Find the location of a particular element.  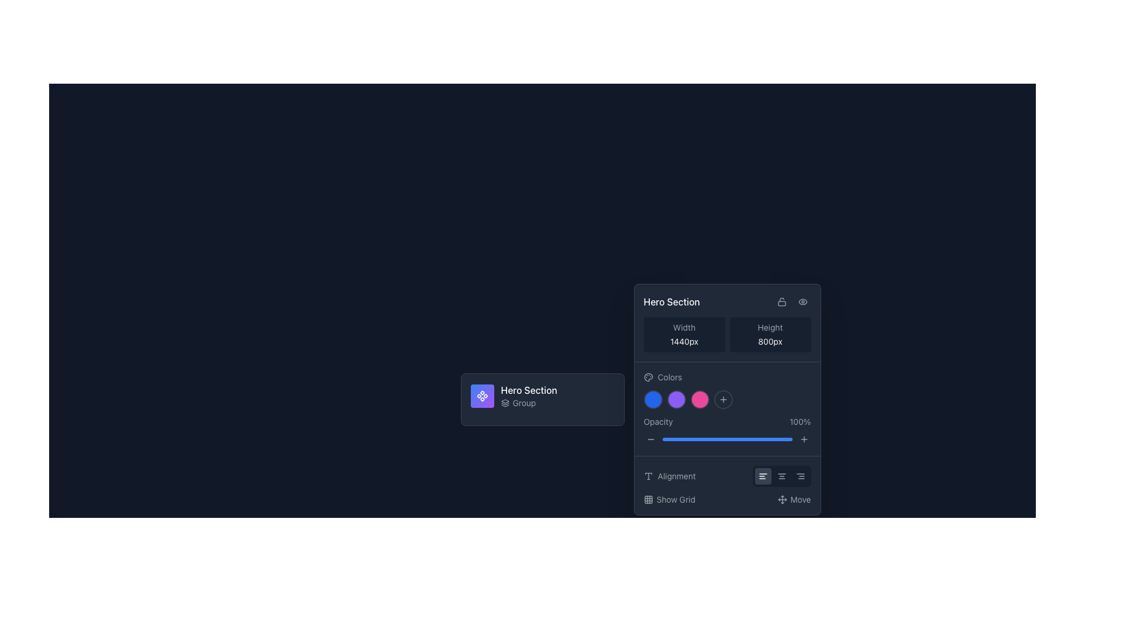

the fourth button in the horizontal arrangement under the 'Colors' section is located at coordinates (726, 399).